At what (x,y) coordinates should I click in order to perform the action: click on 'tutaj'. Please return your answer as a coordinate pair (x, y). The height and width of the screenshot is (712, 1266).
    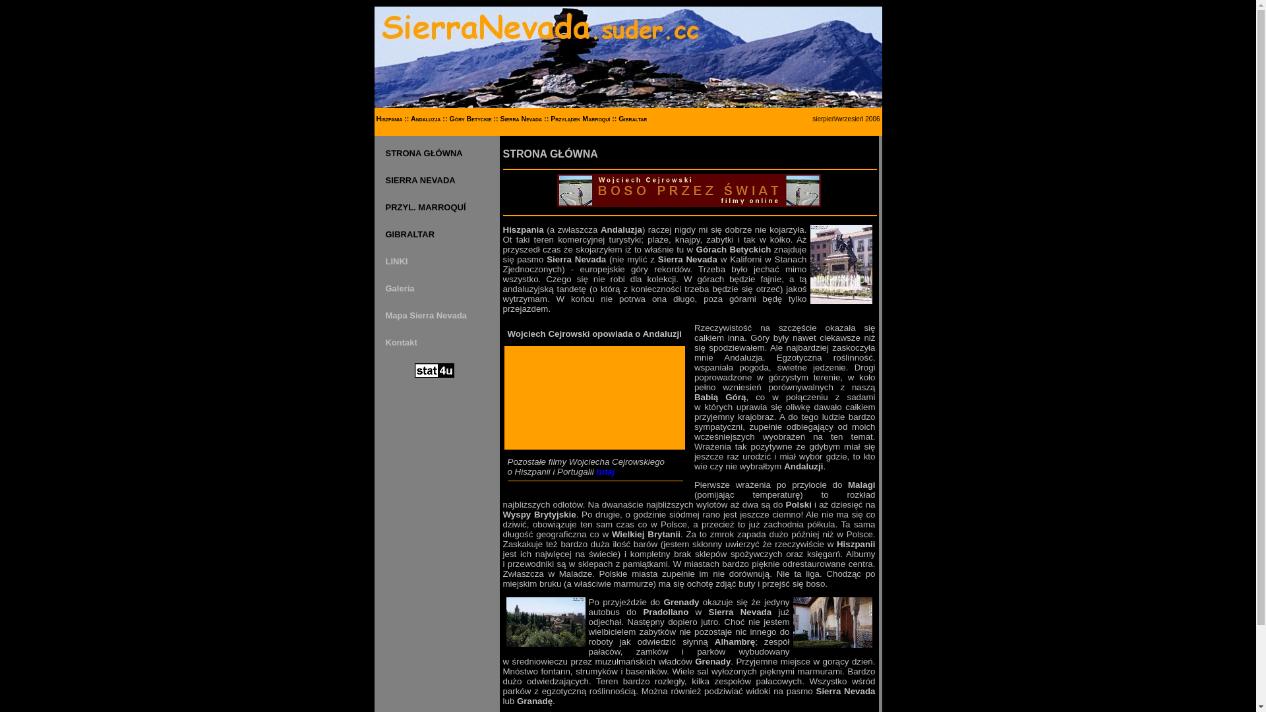
    Looking at the image, I should click on (604, 471).